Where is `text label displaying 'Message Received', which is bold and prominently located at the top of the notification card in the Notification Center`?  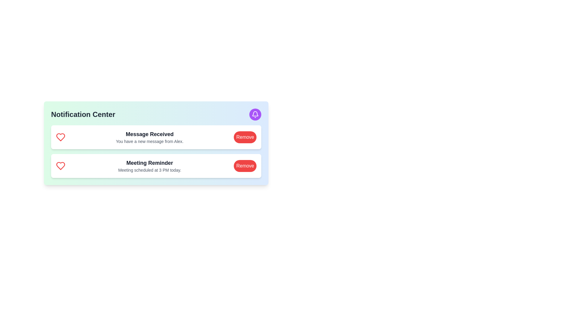 text label displaying 'Message Received', which is bold and prominently located at the top of the notification card in the Notification Center is located at coordinates (149, 134).